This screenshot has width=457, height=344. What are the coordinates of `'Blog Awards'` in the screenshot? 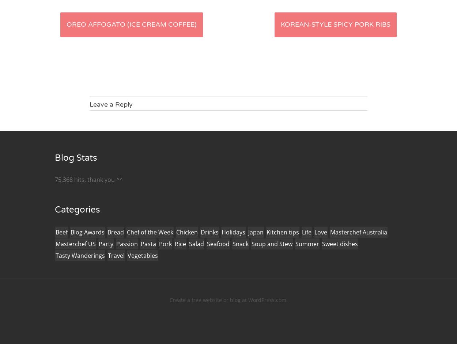 It's located at (70, 232).